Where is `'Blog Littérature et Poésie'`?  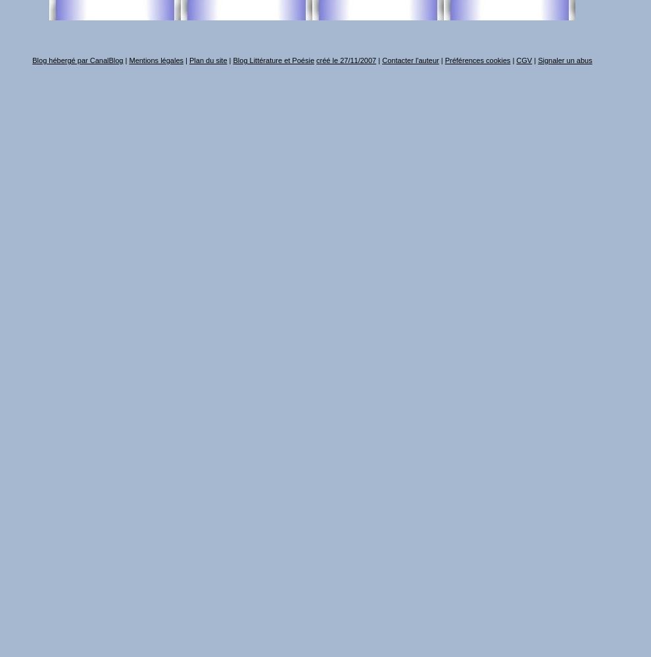
'Blog Littérature et Poésie' is located at coordinates (272, 60).